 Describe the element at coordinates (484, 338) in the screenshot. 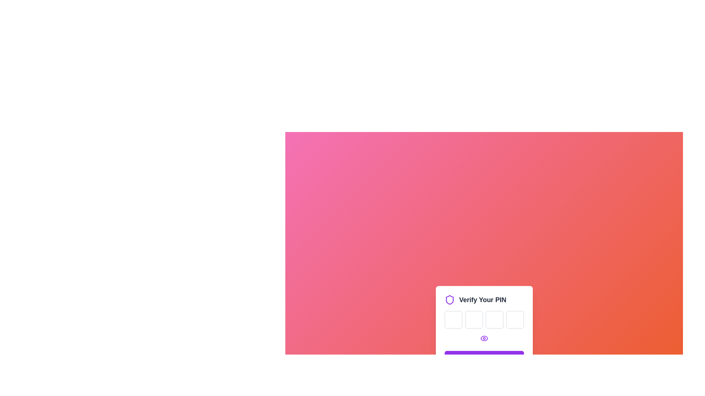

I see `the eye icon with a purple stroke in the PIN verification interface, located below the PIN input fields` at that location.